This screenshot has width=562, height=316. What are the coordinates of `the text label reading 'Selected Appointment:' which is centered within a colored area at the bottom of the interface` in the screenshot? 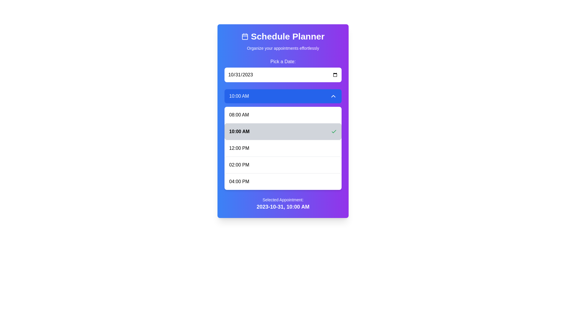 It's located at (283, 199).